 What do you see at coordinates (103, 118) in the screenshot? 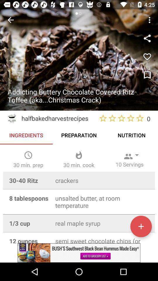
I see `the first star below toffee image` at bounding box center [103, 118].